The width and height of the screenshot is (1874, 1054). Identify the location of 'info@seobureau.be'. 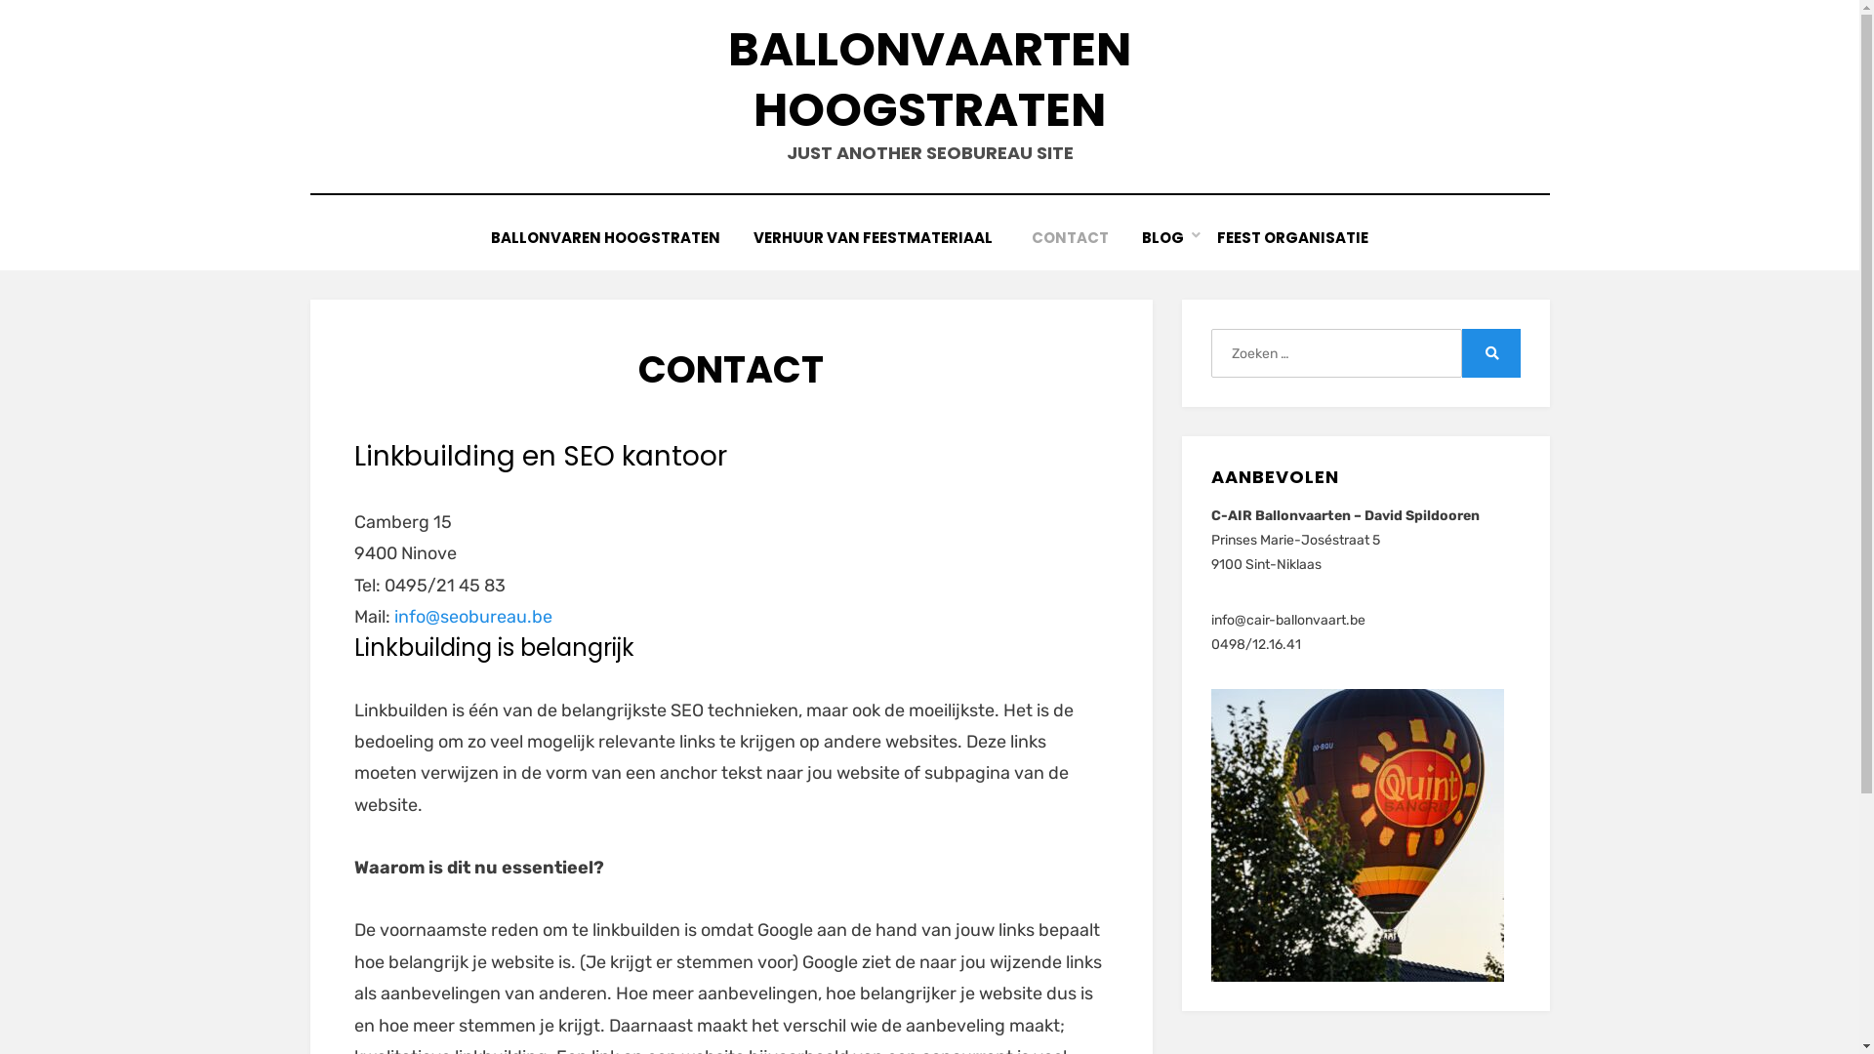
(392, 617).